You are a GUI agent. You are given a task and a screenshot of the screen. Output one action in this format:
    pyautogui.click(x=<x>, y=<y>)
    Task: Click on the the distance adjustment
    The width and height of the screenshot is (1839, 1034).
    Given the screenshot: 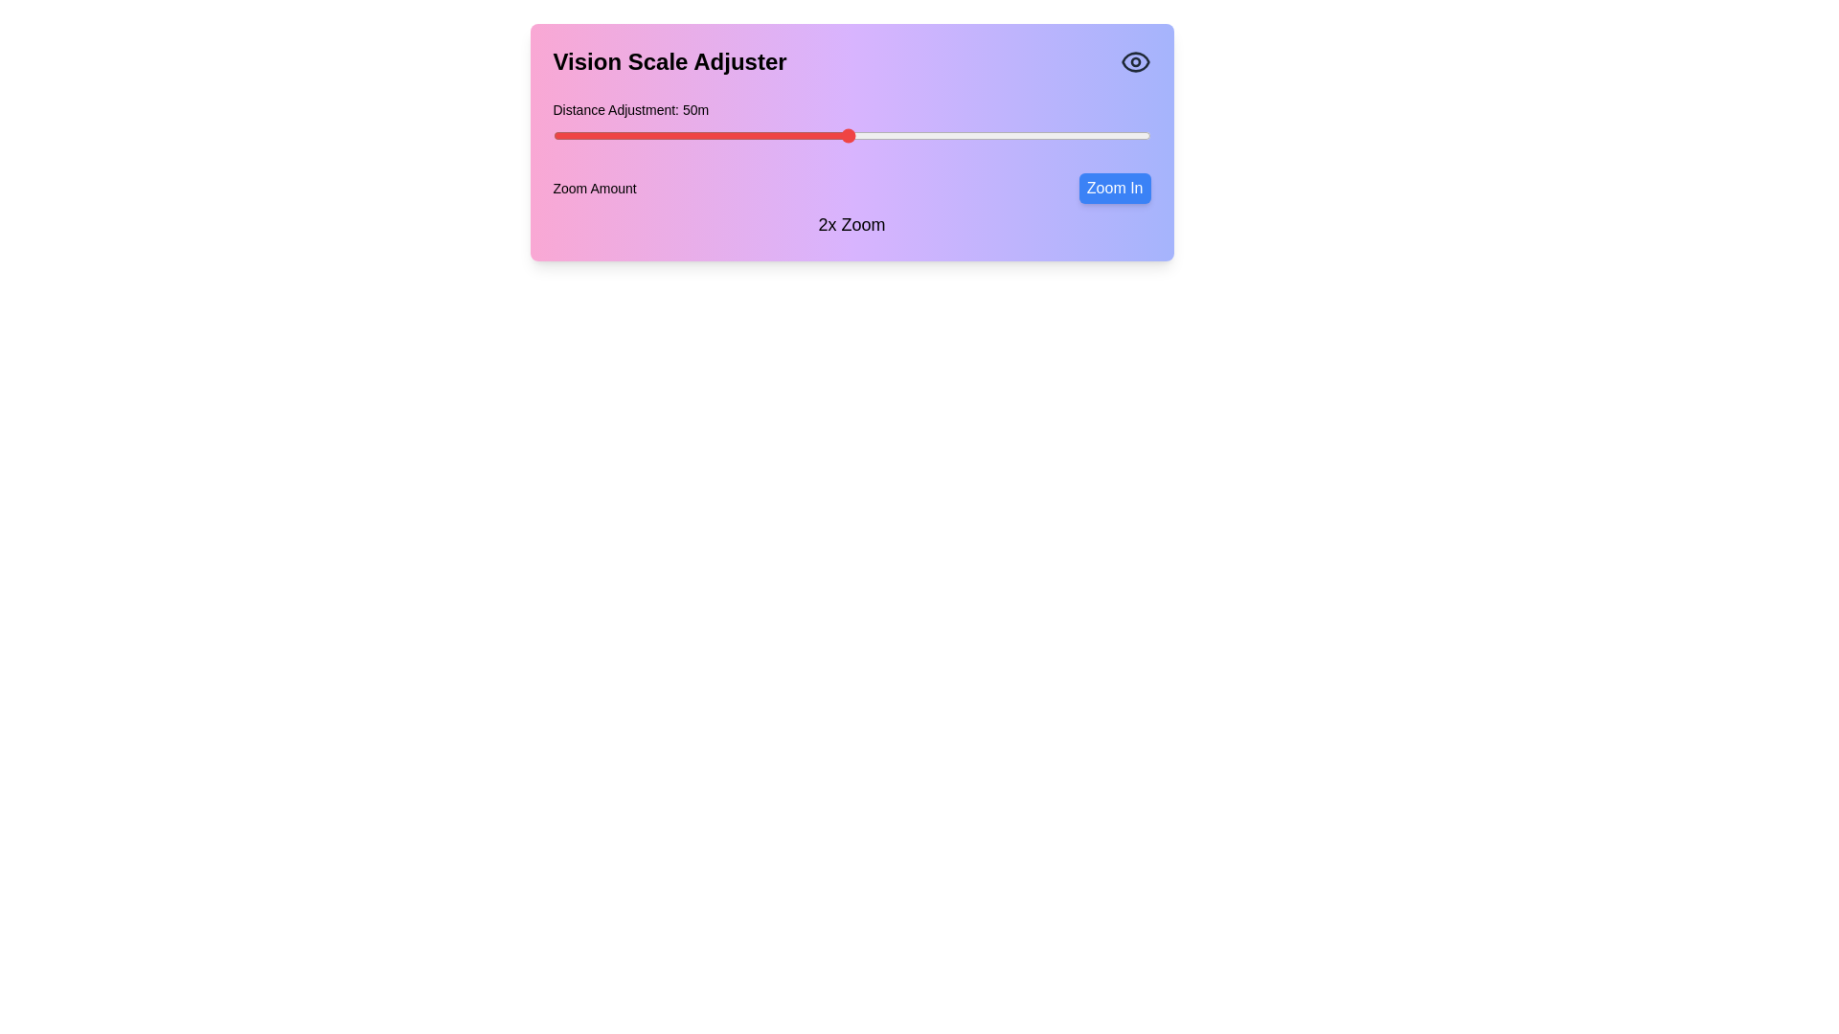 What is the action you would take?
    pyautogui.click(x=564, y=135)
    